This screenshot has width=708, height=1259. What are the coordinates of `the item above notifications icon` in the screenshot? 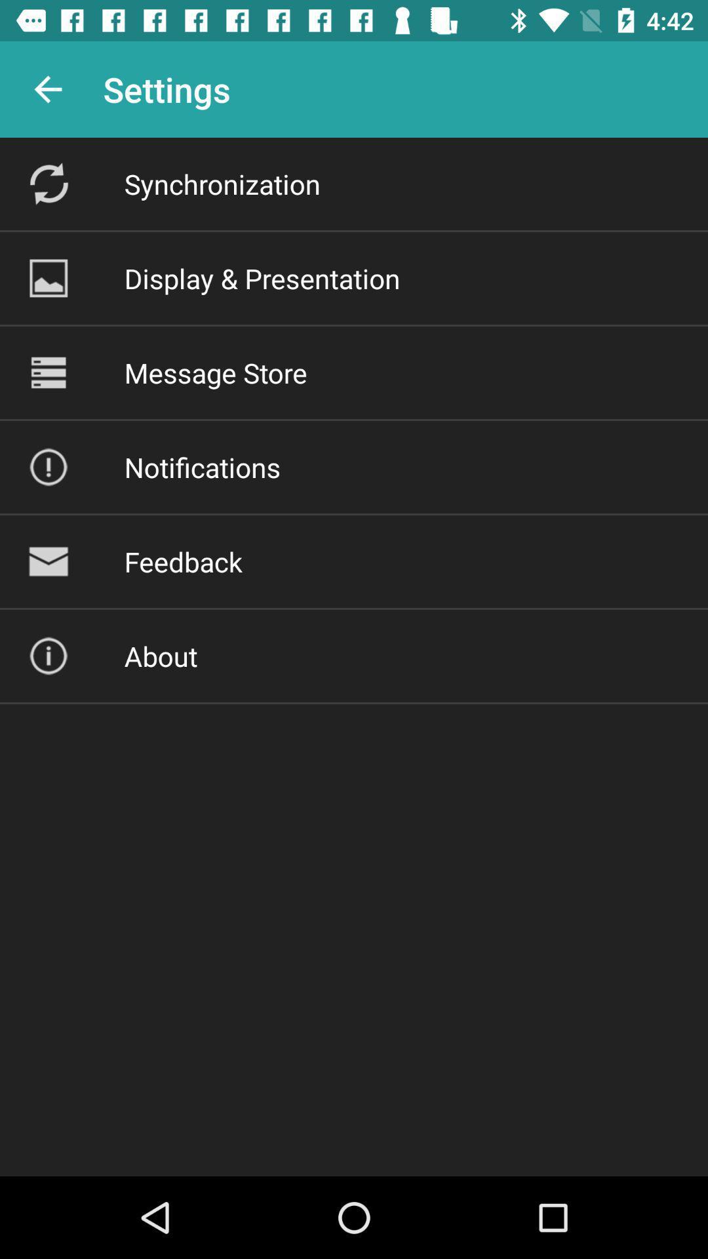 It's located at (215, 372).